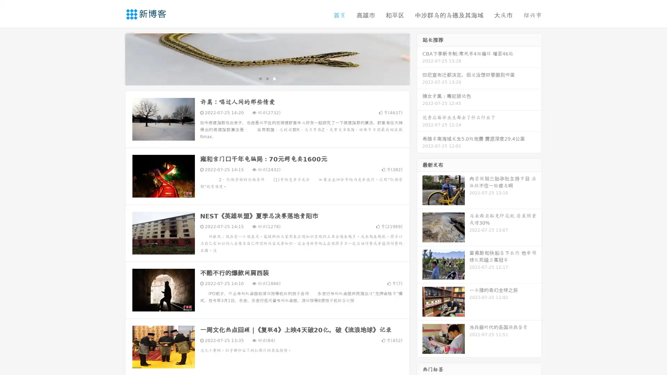 The height and width of the screenshot is (375, 667). What do you see at coordinates (115, 58) in the screenshot?
I see `Previous slide` at bounding box center [115, 58].